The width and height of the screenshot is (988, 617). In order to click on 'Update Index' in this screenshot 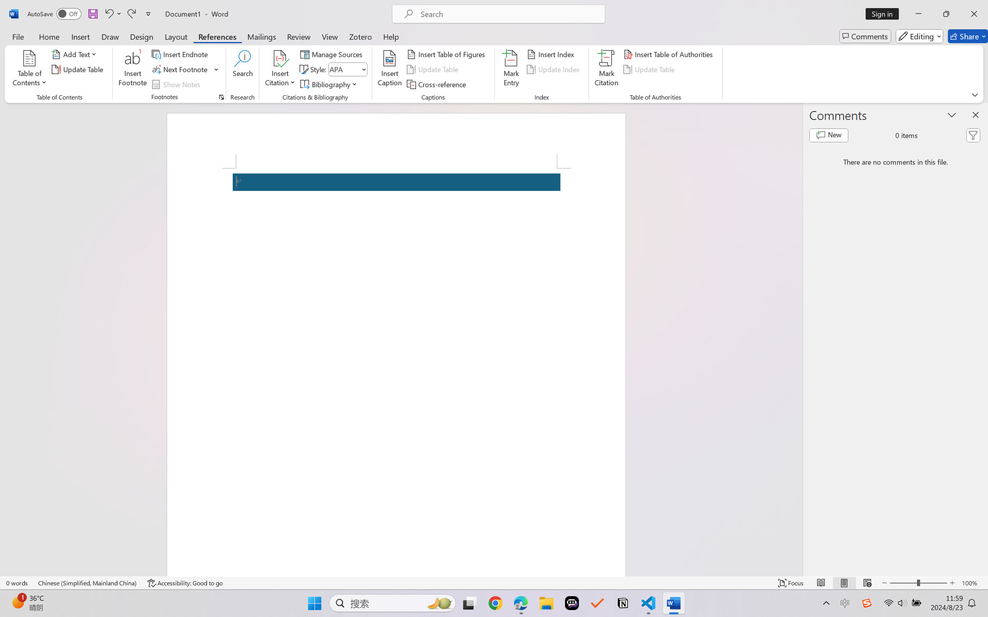, I will do `click(554, 69)`.